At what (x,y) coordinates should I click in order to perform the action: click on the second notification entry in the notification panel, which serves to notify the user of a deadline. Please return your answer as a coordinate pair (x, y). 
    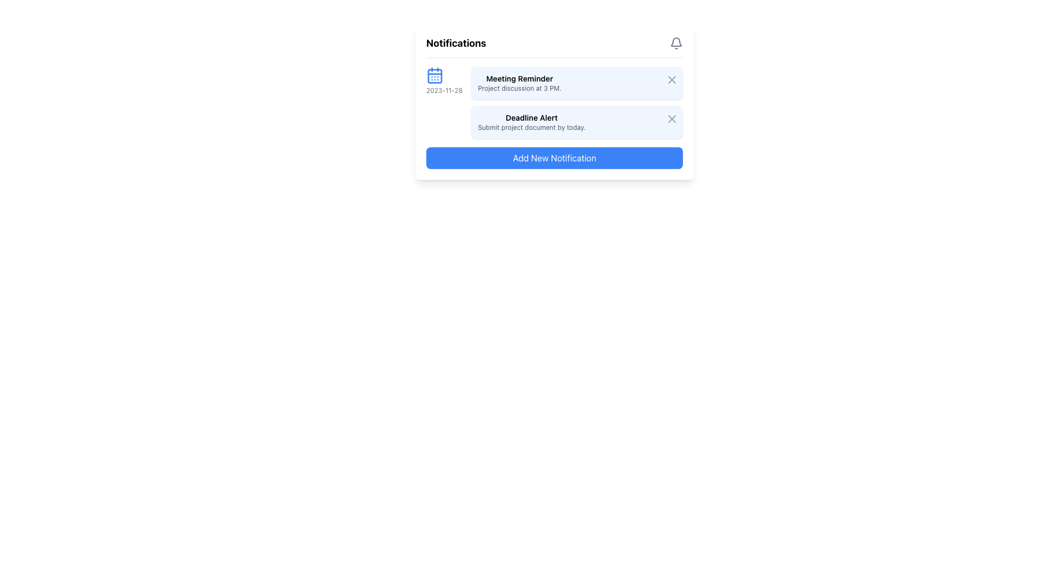
    Looking at the image, I should click on (576, 122).